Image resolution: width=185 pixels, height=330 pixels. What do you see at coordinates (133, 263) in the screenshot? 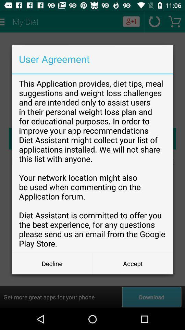
I see `icon to the right of the decline item` at bounding box center [133, 263].